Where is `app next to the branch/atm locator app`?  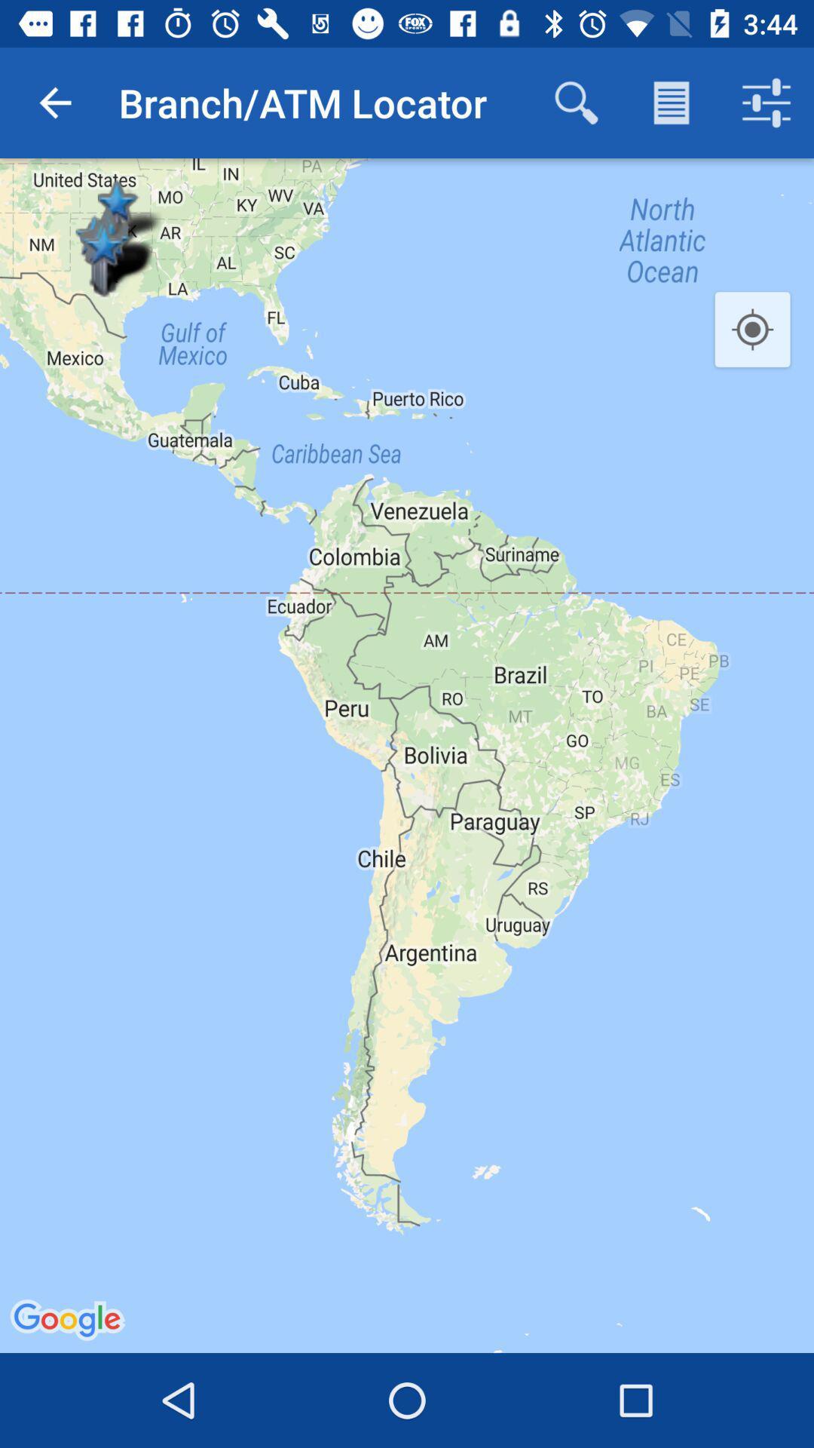 app next to the branch/atm locator app is located at coordinates (576, 102).